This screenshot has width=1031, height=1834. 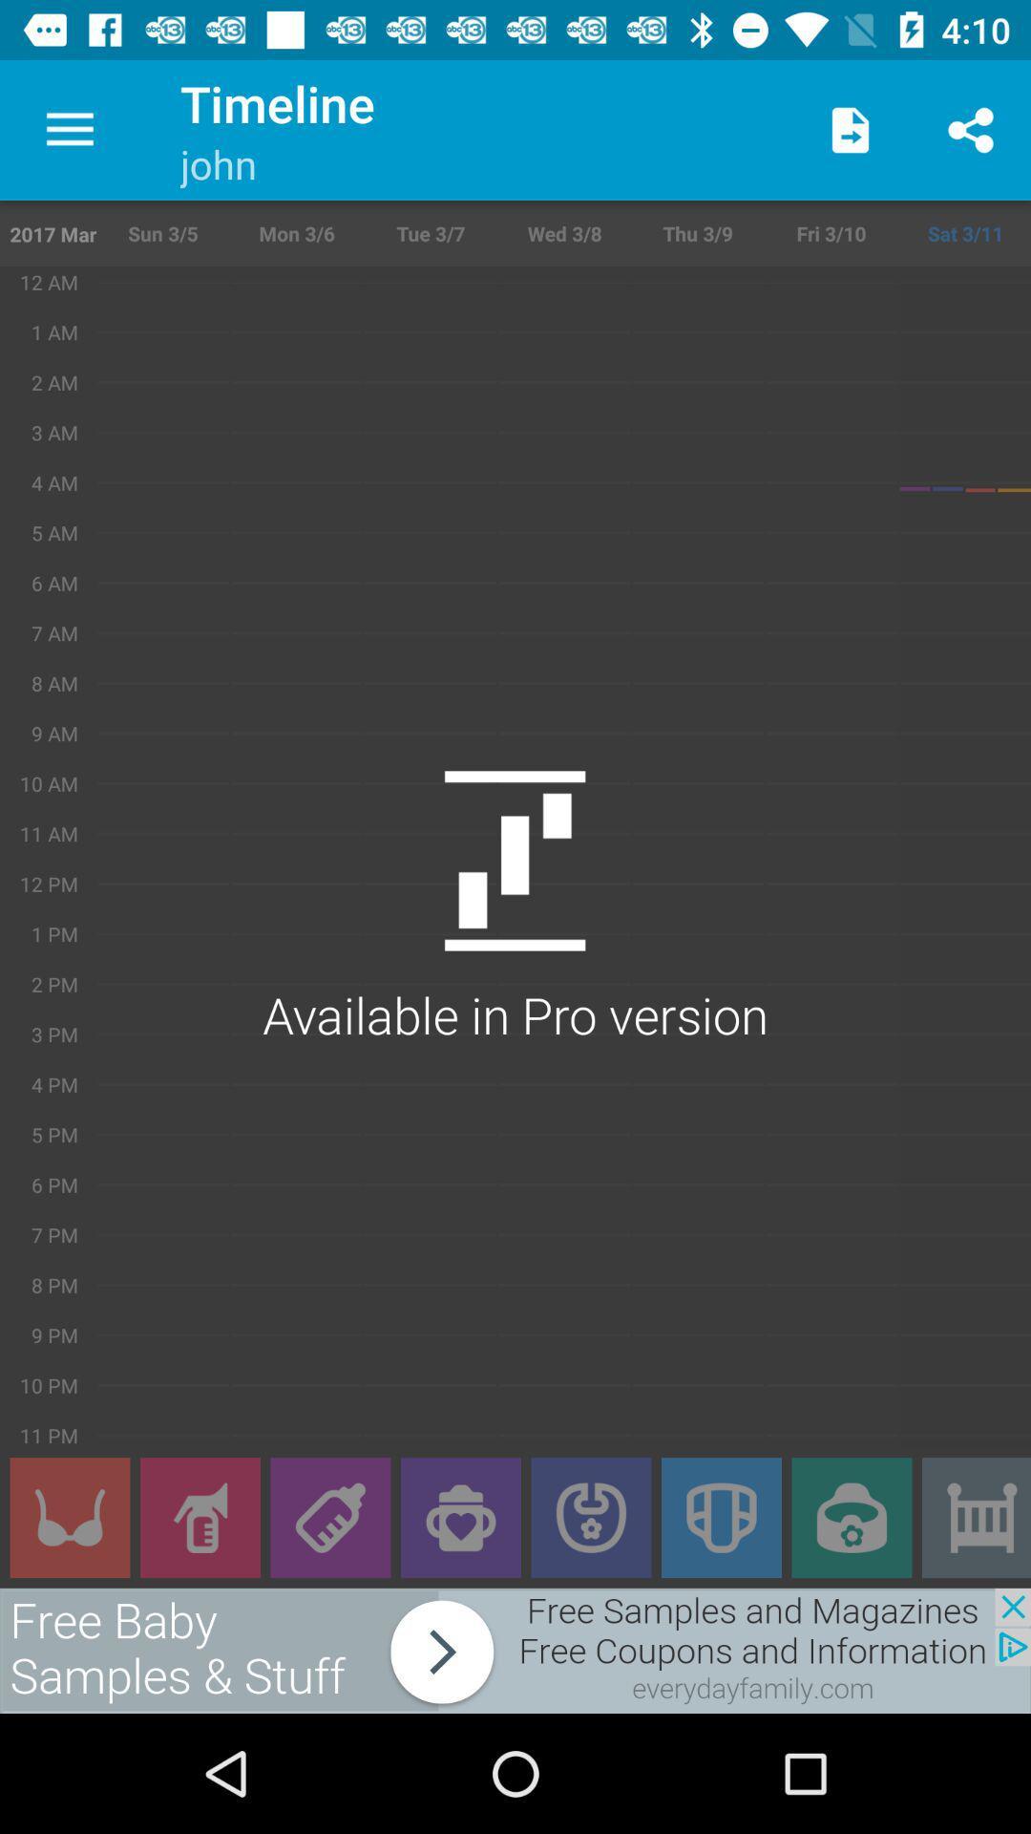 I want to click on autoplay option, so click(x=69, y=1517).